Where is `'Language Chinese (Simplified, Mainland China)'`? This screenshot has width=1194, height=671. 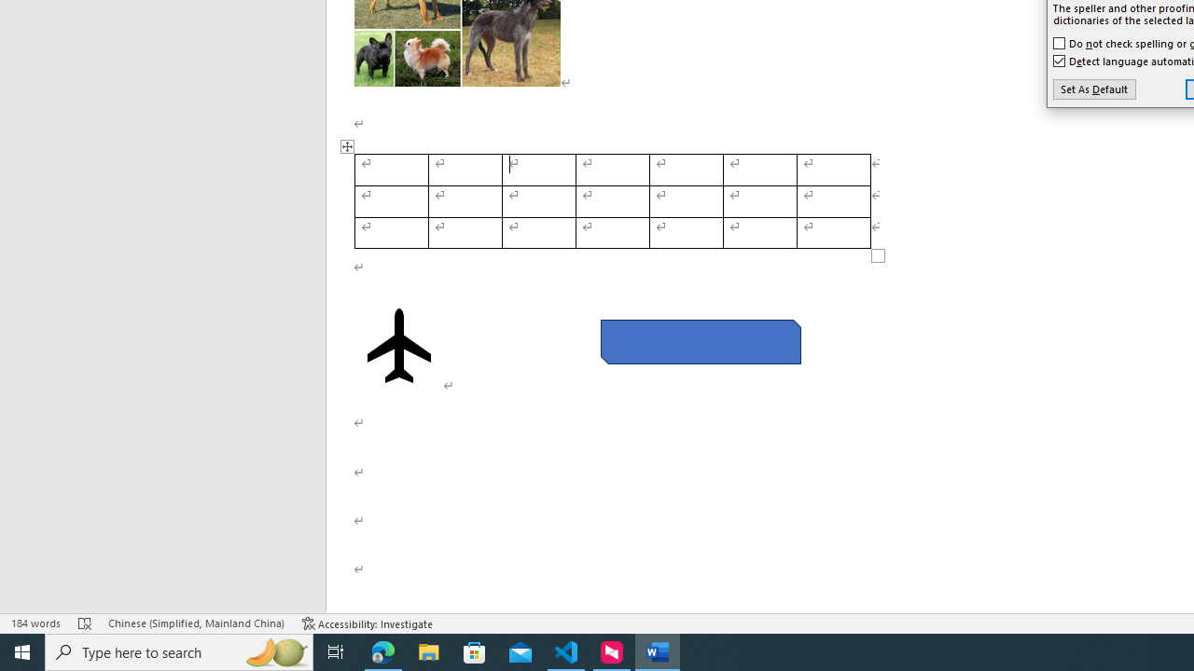
'Language Chinese (Simplified, Mainland China)' is located at coordinates (196, 623).